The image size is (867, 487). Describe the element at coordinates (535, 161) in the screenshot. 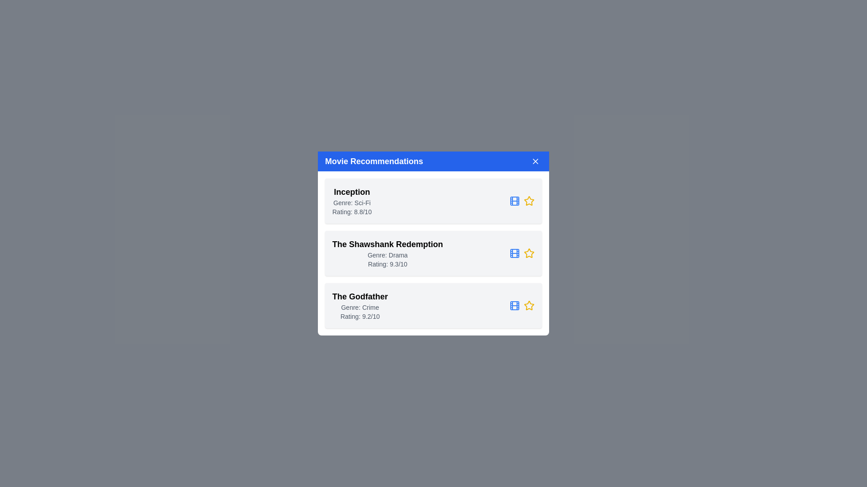

I see `the close button in the header to close the dialog` at that location.